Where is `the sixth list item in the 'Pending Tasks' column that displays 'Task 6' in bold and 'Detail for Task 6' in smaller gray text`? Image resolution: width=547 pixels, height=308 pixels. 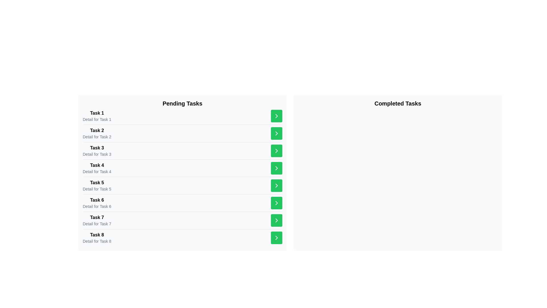
the sixth list item in the 'Pending Tasks' column that displays 'Task 6' in bold and 'Detail for Task 6' in smaller gray text is located at coordinates (97, 203).